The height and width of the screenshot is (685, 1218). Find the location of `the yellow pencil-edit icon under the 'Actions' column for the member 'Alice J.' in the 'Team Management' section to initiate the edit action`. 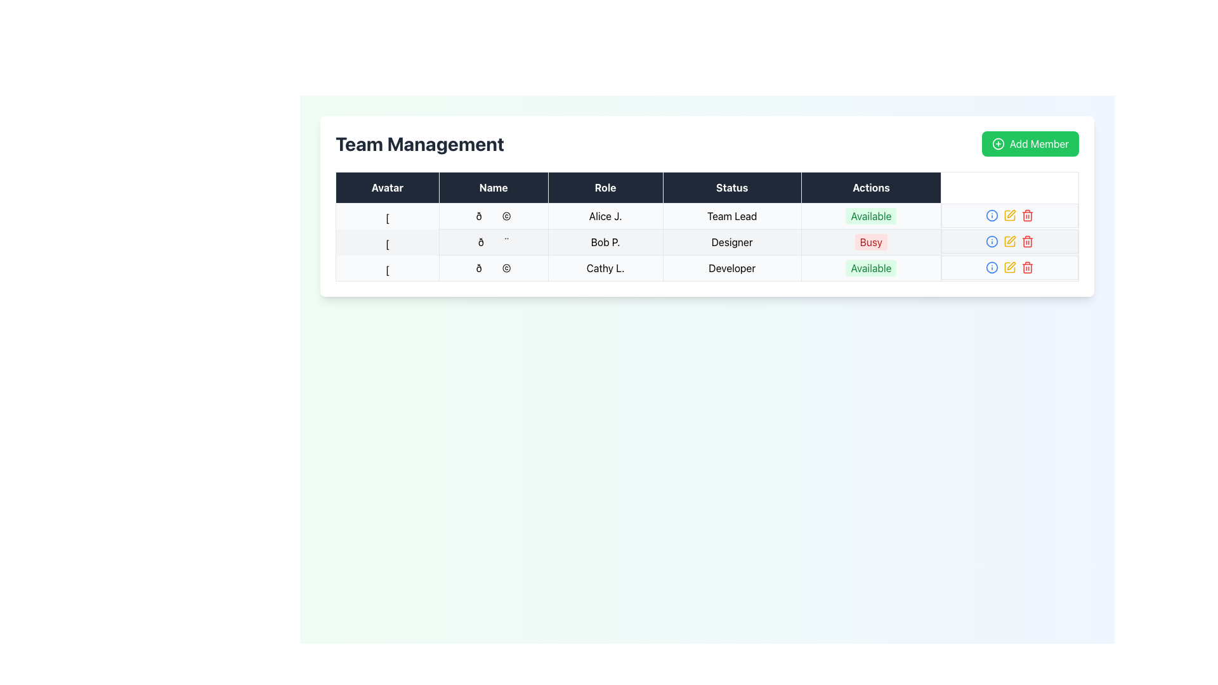

the yellow pencil-edit icon under the 'Actions' column for the member 'Alice J.' in the 'Team Management' section to initiate the edit action is located at coordinates (1009, 214).